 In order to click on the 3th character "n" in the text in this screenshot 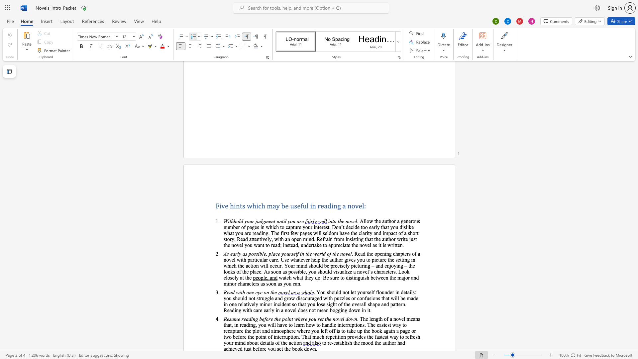, I will do `click(416, 318)`.